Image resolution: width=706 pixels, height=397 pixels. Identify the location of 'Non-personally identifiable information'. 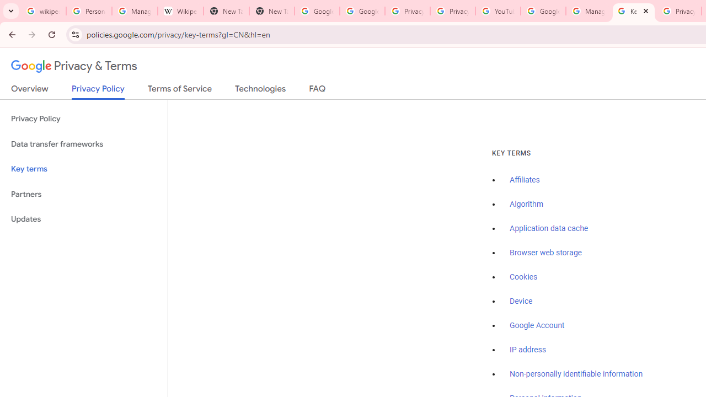
(576, 374).